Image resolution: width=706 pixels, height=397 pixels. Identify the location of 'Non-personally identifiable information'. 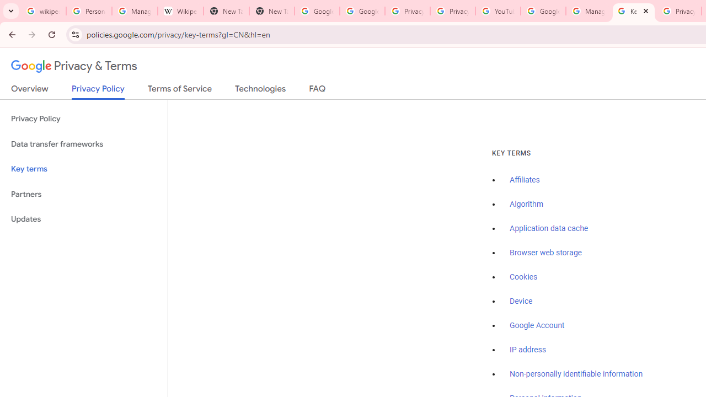
(576, 374).